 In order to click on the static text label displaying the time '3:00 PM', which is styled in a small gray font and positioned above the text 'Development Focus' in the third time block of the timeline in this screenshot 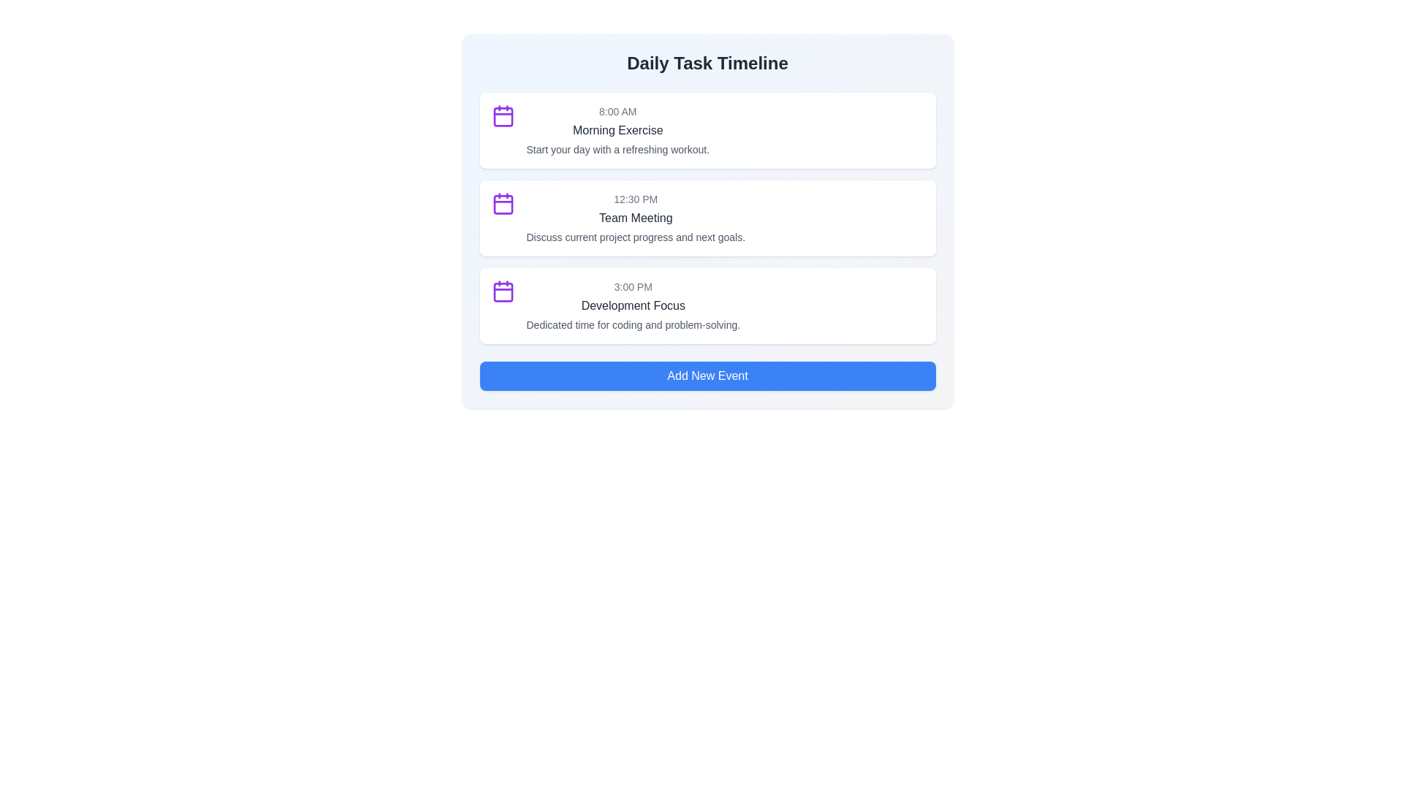, I will do `click(633, 287)`.